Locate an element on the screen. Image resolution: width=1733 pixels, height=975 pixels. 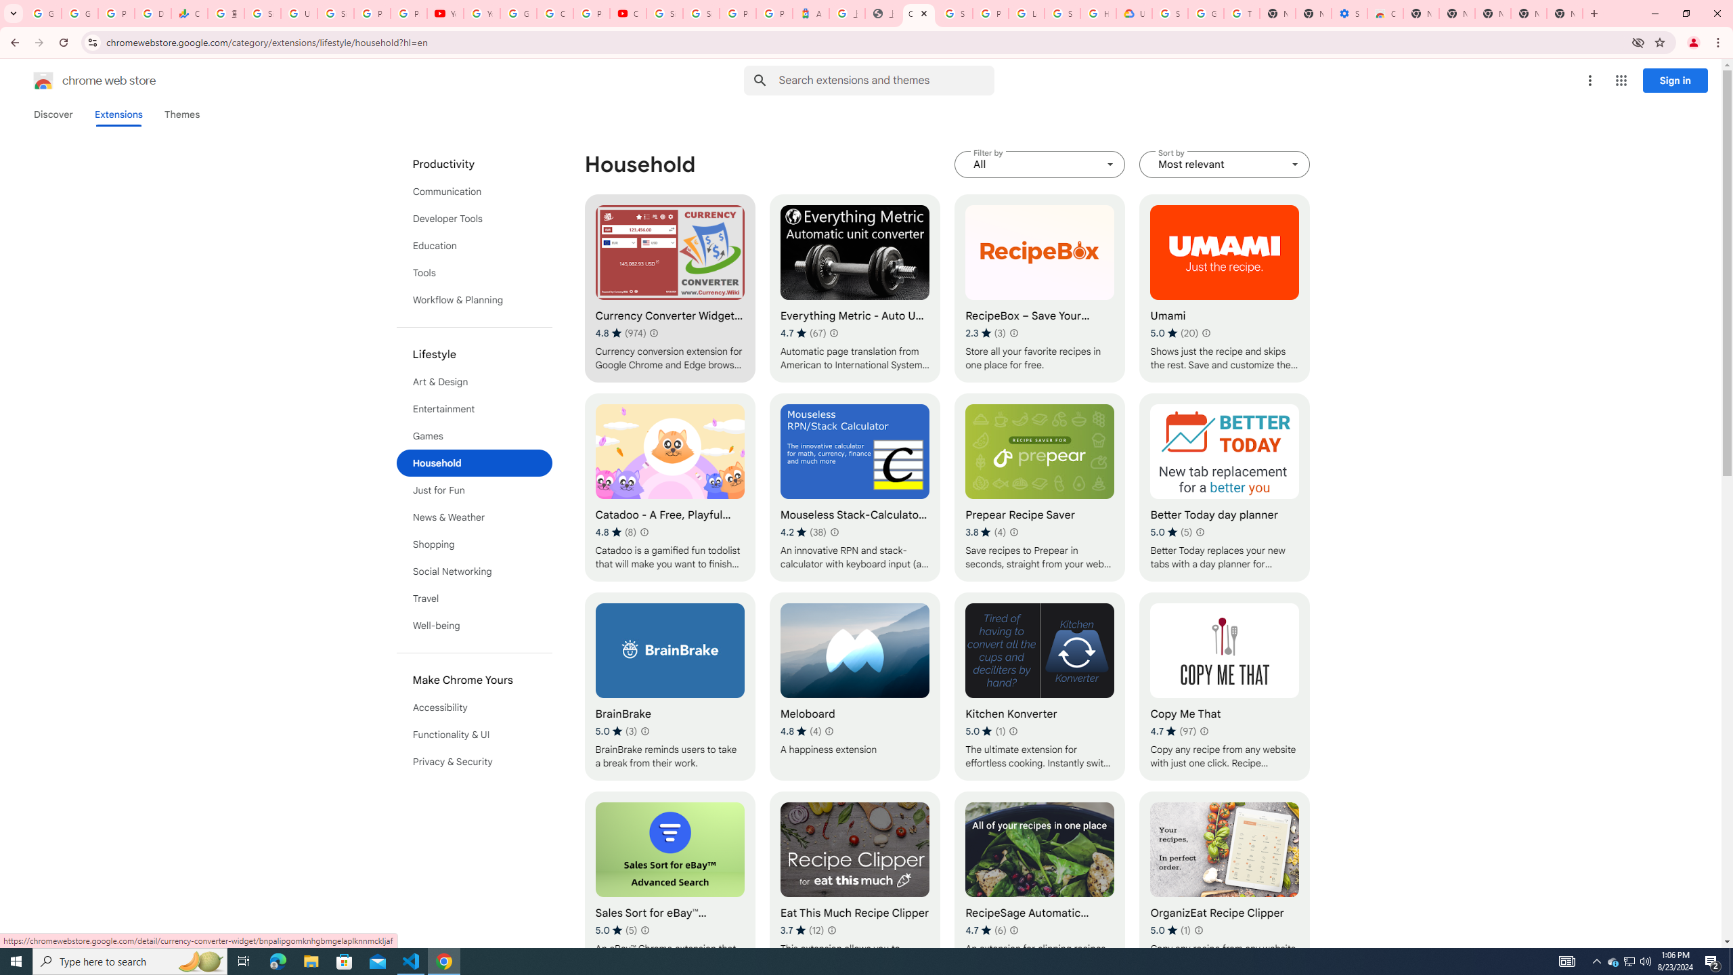
'Currencies - Google Finance' is located at coordinates (188, 13).